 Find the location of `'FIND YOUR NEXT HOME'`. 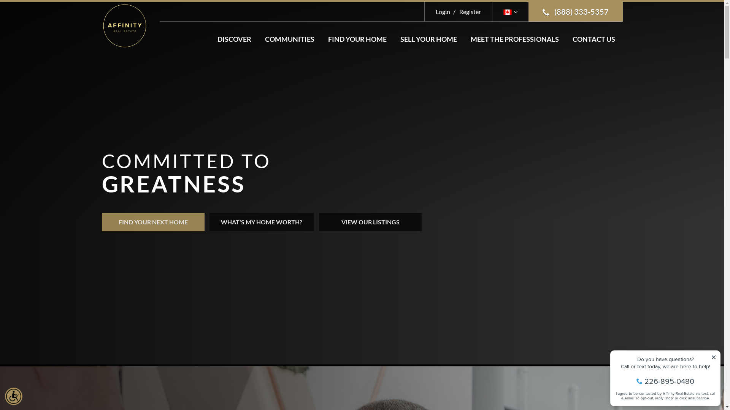

'FIND YOUR NEXT HOME' is located at coordinates (102, 222).